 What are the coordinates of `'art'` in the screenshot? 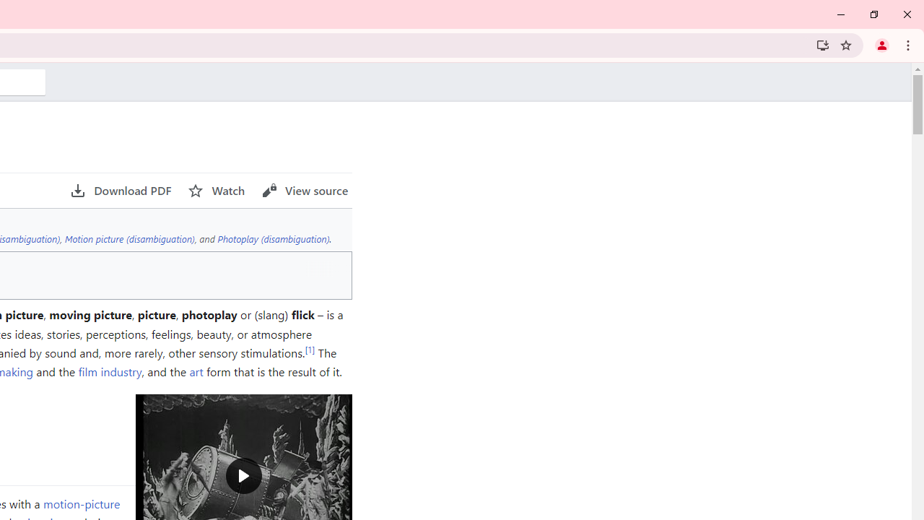 It's located at (196, 371).